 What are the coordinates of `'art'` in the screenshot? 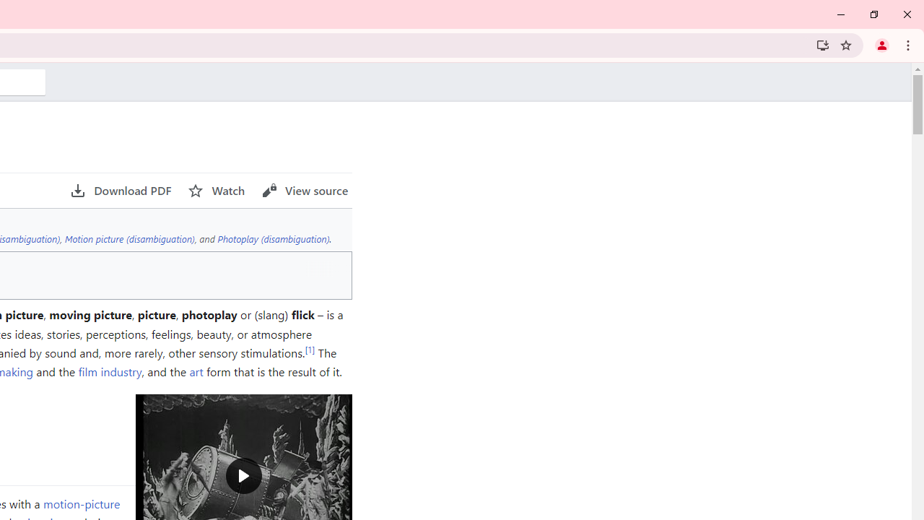 It's located at (196, 371).